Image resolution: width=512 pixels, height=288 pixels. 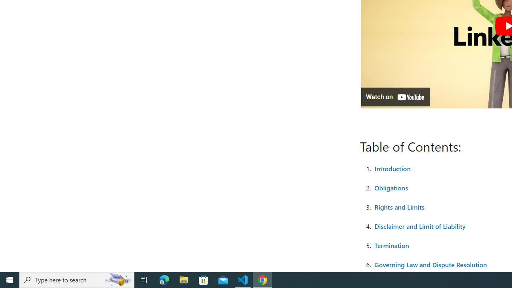 What do you see at coordinates (399, 206) in the screenshot?
I see `'Rights and Limits'` at bounding box center [399, 206].